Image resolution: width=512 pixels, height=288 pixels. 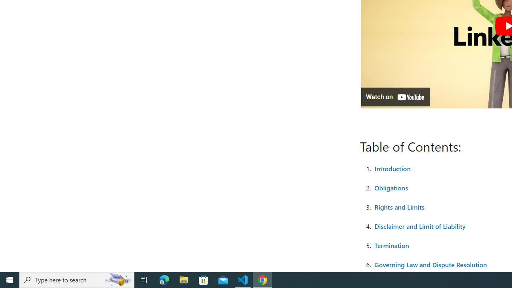 What do you see at coordinates (399, 206) in the screenshot?
I see `'Rights and Limits'` at bounding box center [399, 206].